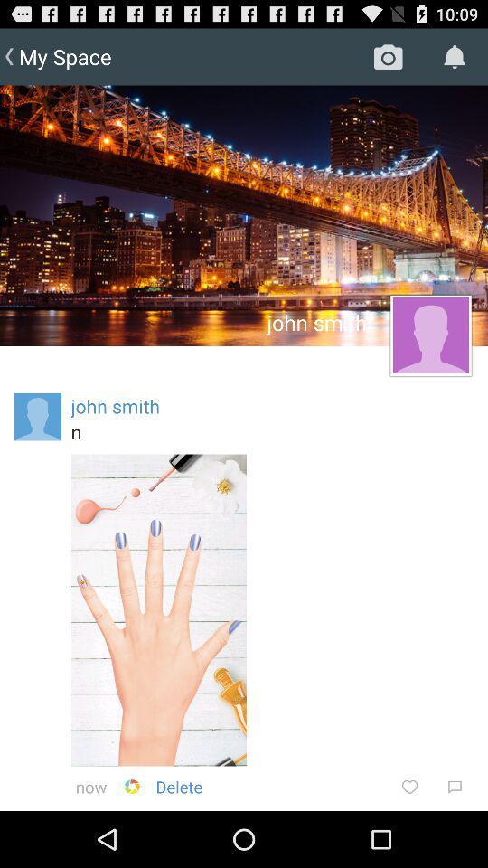  Describe the element at coordinates (271, 431) in the screenshot. I see `the item below john smith item` at that location.